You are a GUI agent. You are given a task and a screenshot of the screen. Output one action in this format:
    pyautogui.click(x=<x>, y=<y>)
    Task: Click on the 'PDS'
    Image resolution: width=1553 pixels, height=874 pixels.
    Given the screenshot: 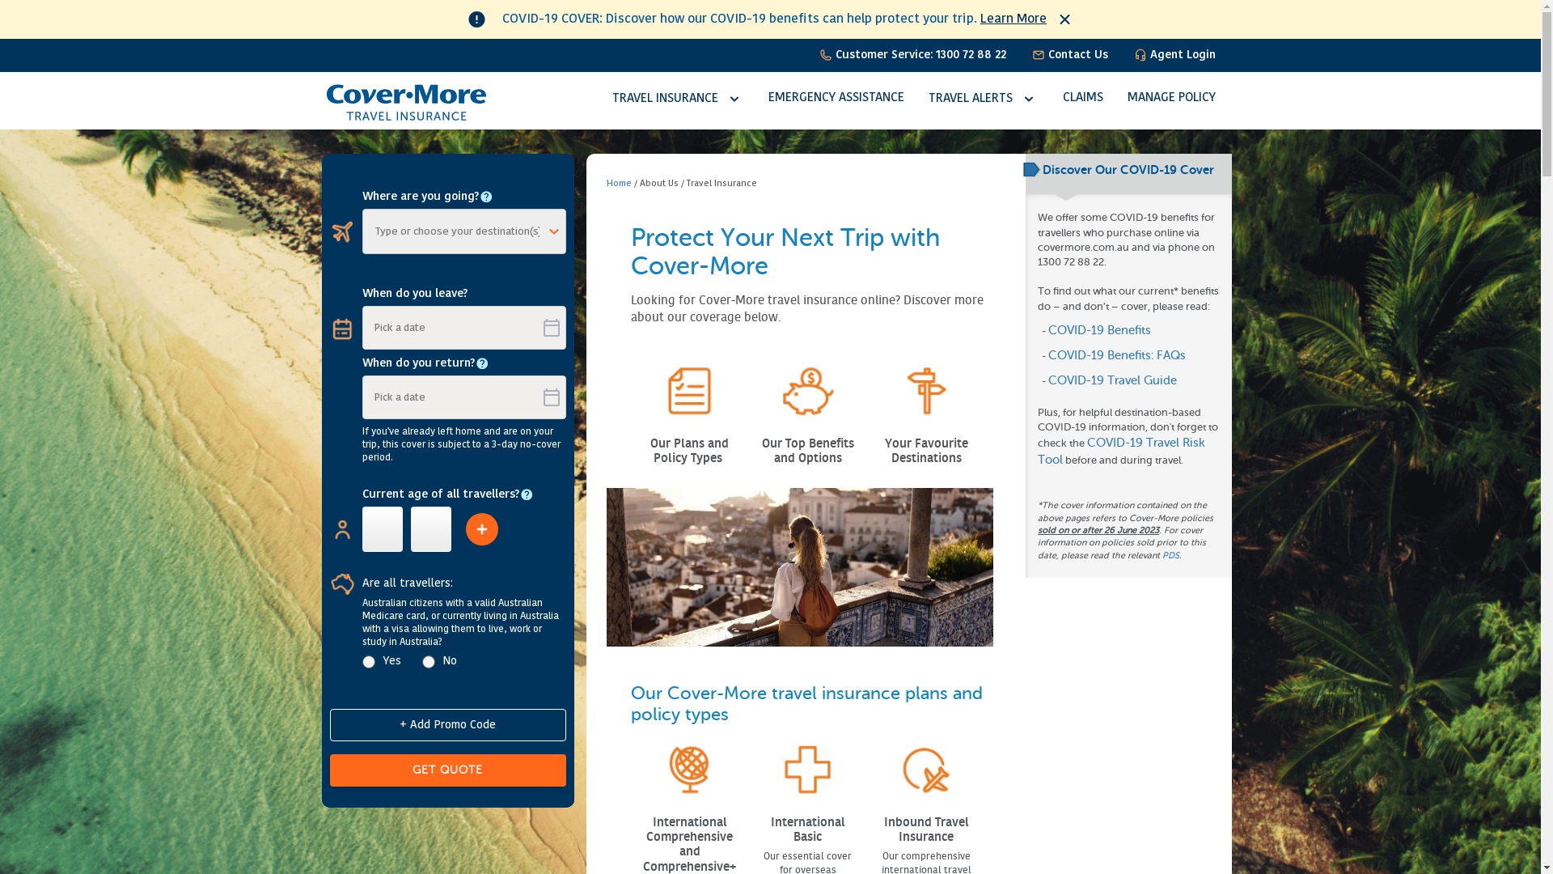 What is the action you would take?
    pyautogui.click(x=1170, y=554)
    